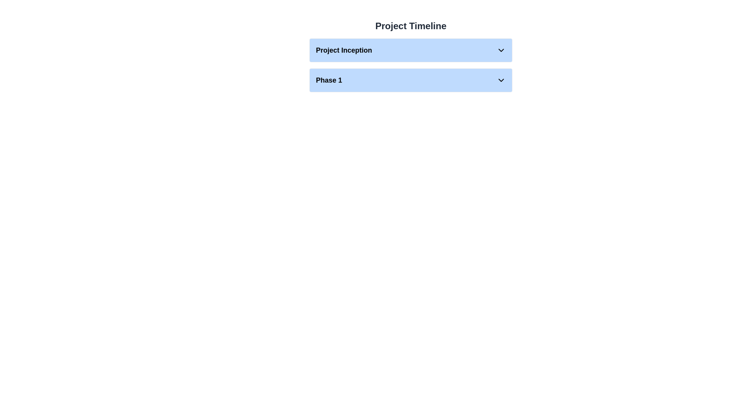  What do you see at coordinates (501, 50) in the screenshot?
I see `the downward-pointing chevron icon inside the blue rectangular area labeled 'Project Inception'` at bounding box center [501, 50].